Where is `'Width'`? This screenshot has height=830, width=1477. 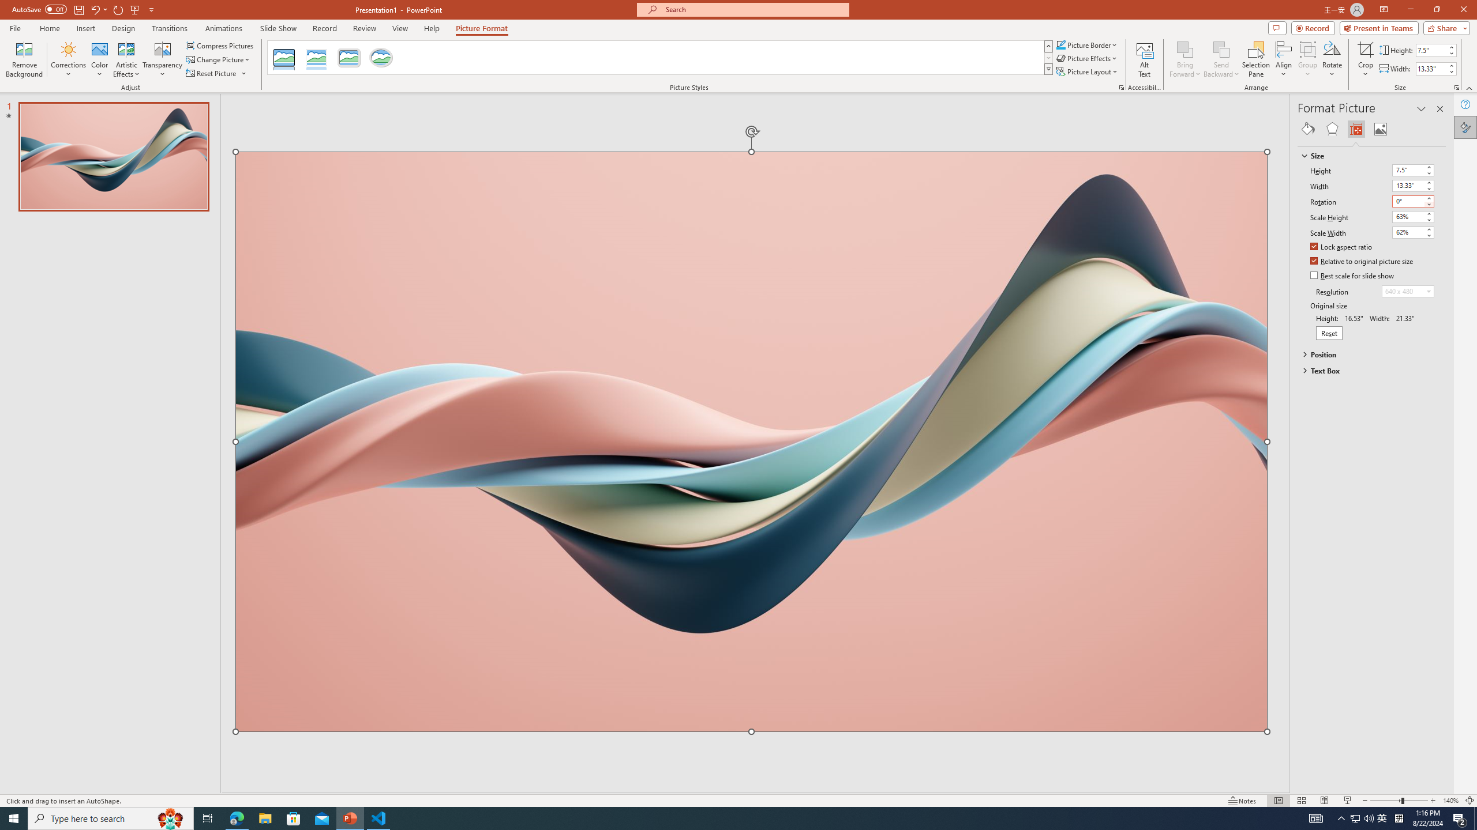
'Width' is located at coordinates (1413, 185).